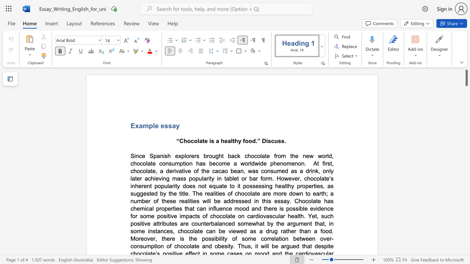 Image resolution: width=470 pixels, height=264 pixels. Describe the element at coordinates (466, 157) in the screenshot. I see `the scrollbar on the right` at that location.